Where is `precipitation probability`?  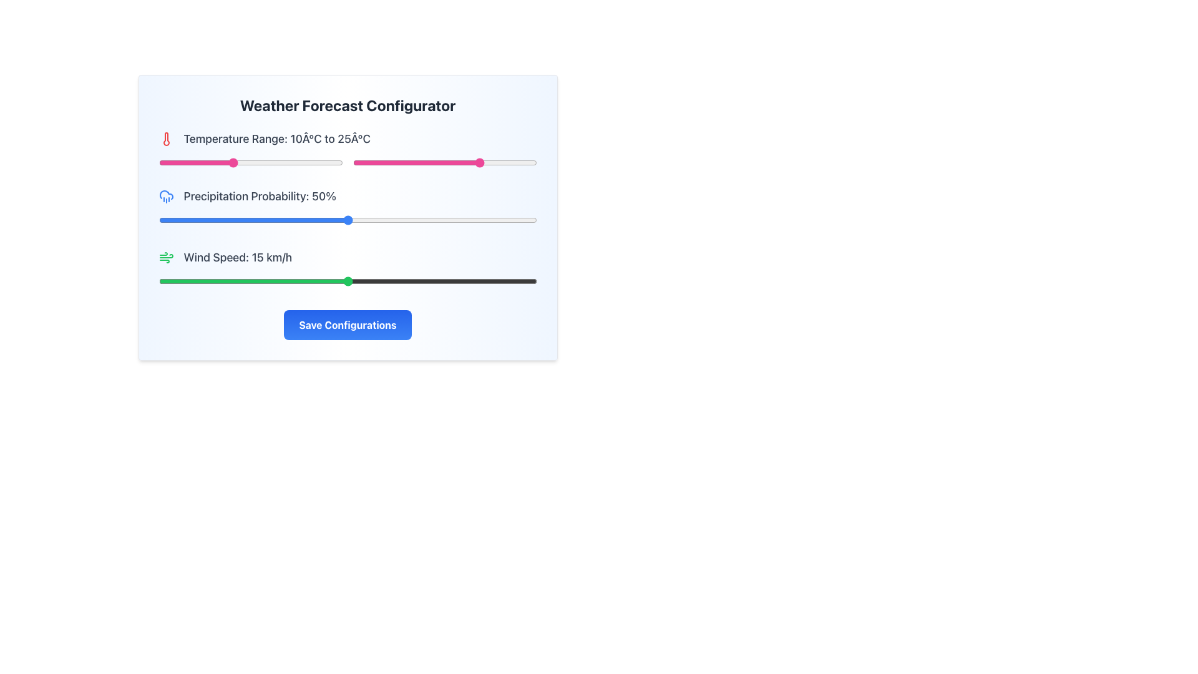 precipitation probability is located at coordinates (279, 220).